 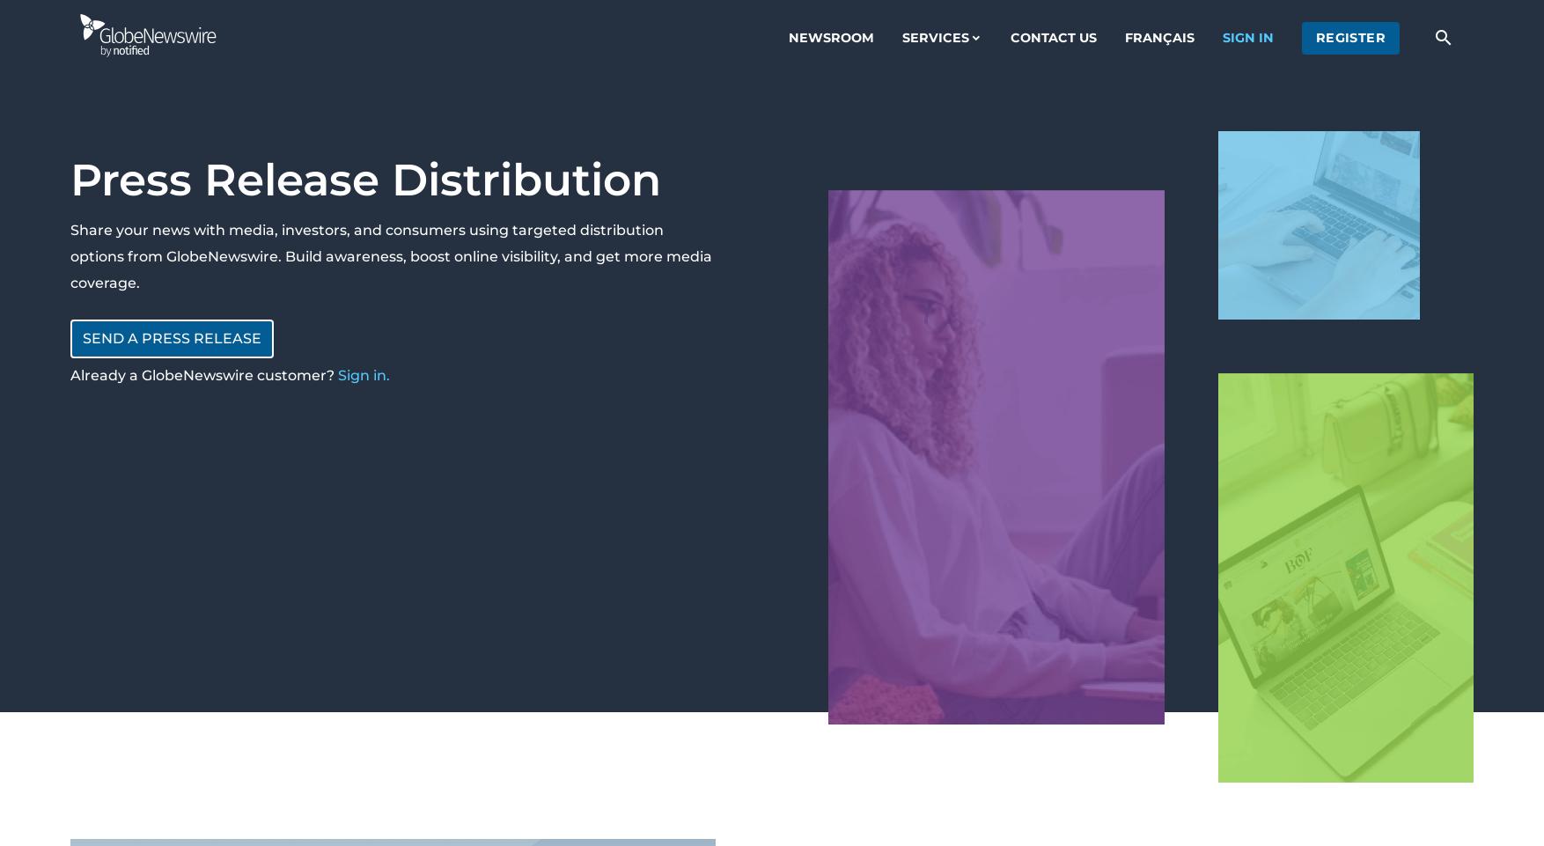 What do you see at coordinates (935, 35) in the screenshot?
I see `'services'` at bounding box center [935, 35].